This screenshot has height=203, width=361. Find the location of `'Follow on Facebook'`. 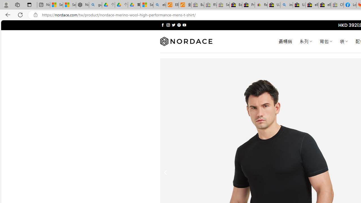

'Follow on Facebook' is located at coordinates (162, 25).